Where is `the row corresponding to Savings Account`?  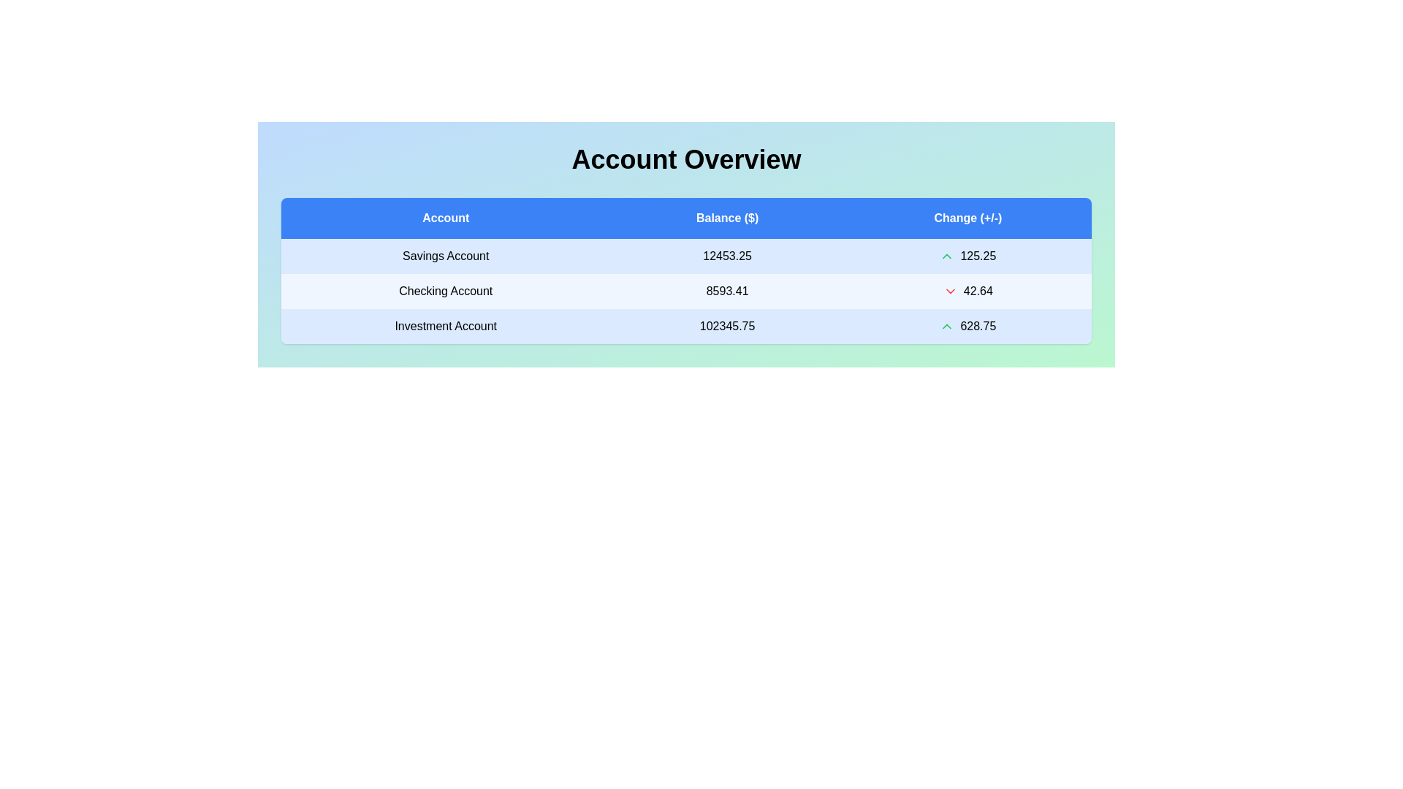
the row corresponding to Savings Account is located at coordinates (685, 256).